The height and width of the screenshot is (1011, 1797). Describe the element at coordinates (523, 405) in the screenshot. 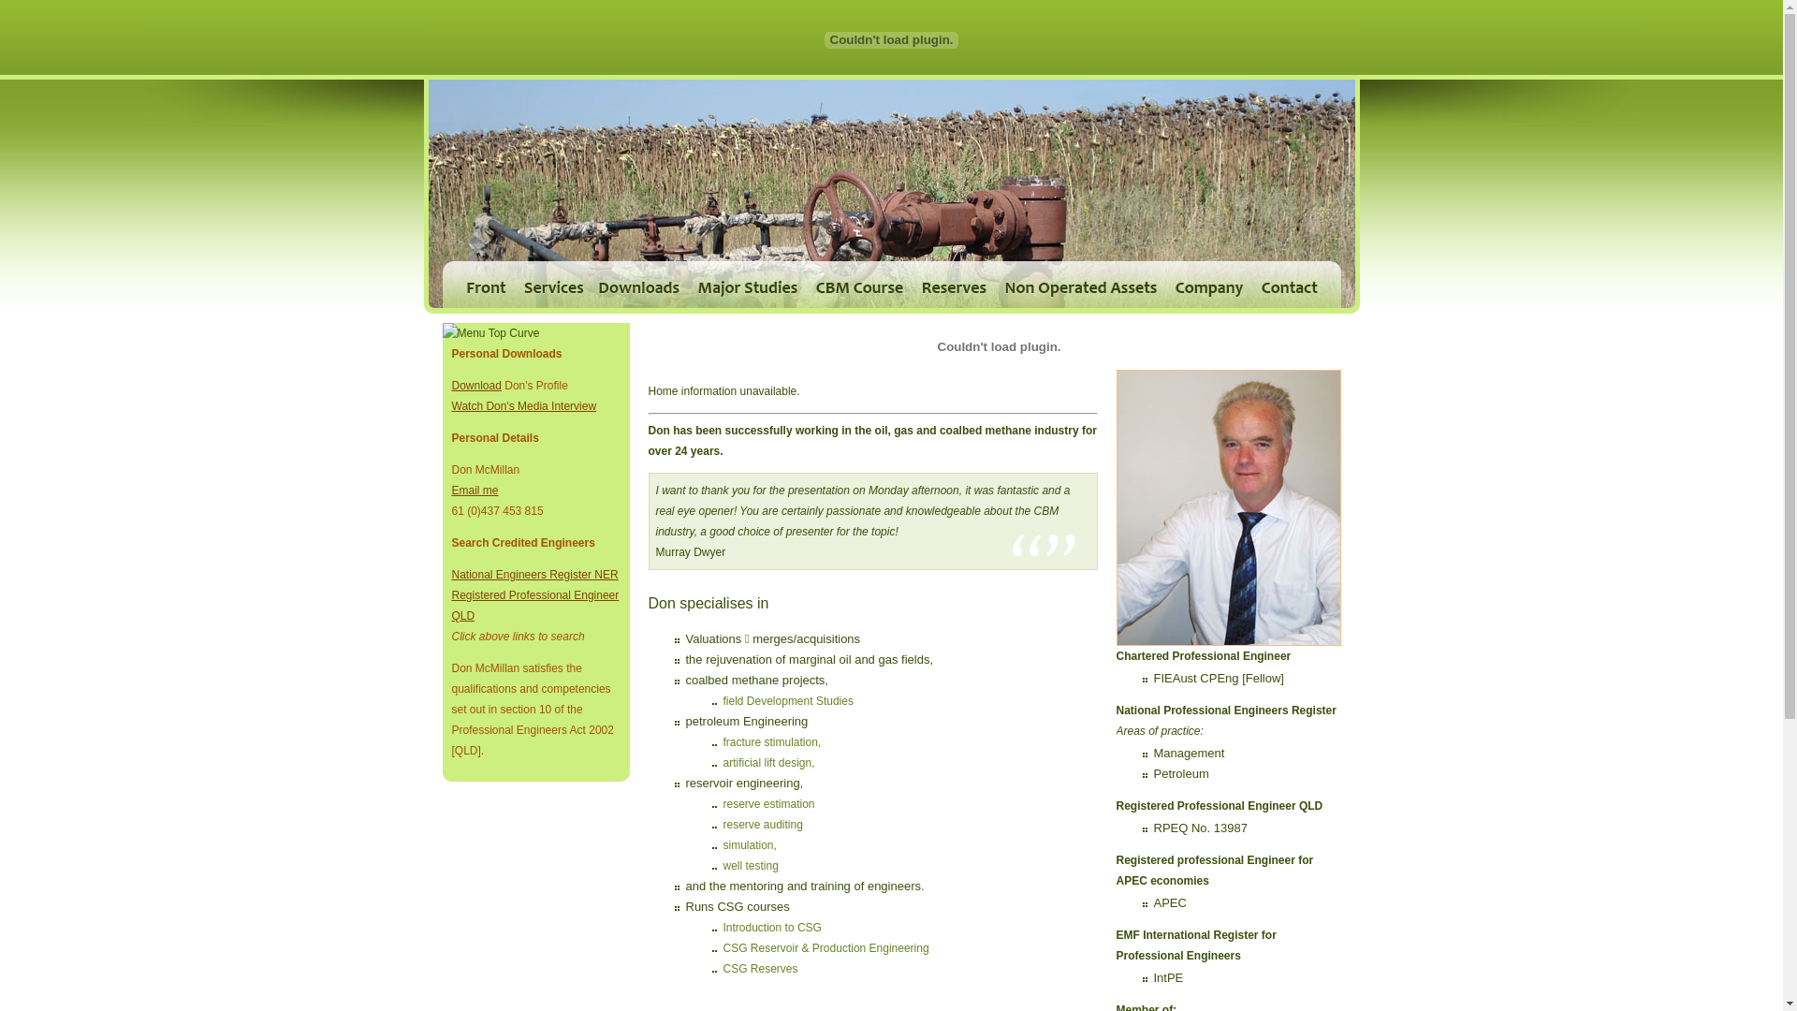

I see `'Watch Don's Media Interview'` at that location.